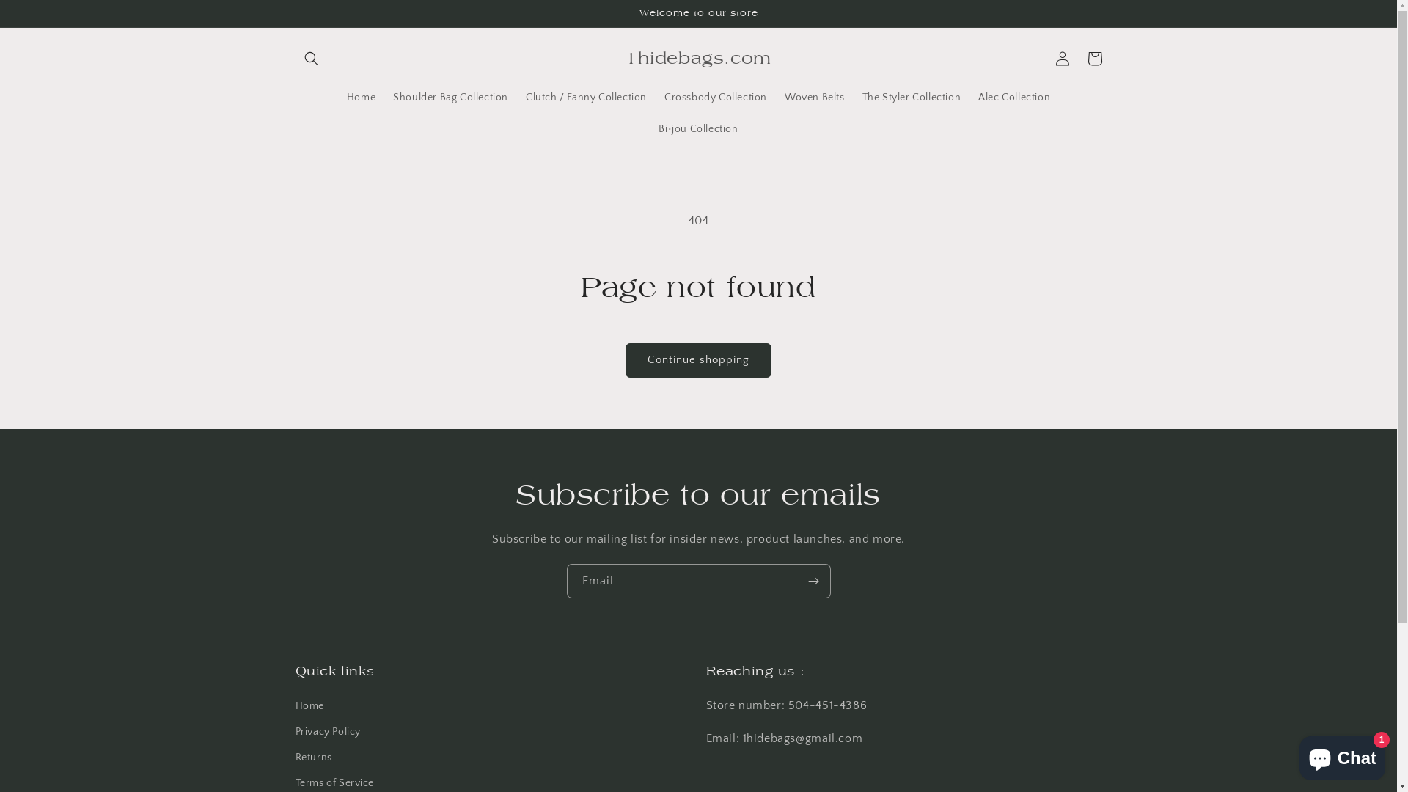 The height and width of the screenshot is (792, 1408). Describe the element at coordinates (698, 57) in the screenshot. I see `'1hidebags.com'` at that location.